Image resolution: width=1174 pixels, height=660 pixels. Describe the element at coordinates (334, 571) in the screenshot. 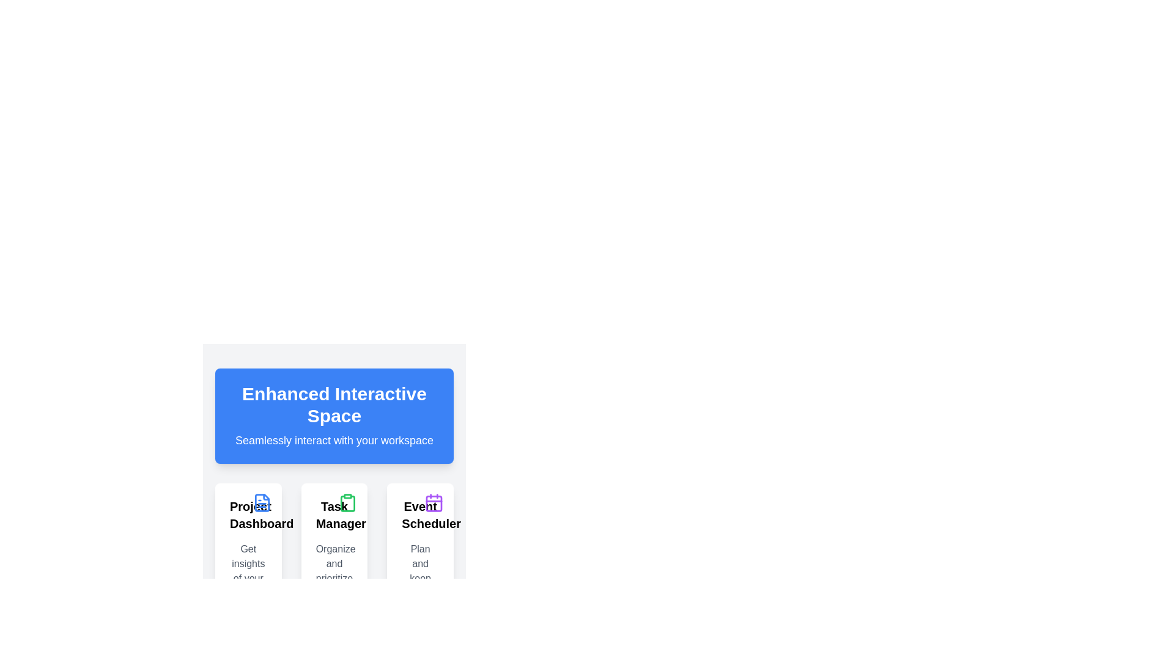

I see `the informational card about the 'Task Manager' feature, which is the middle card in a group of three horizontally aligned cards` at that location.